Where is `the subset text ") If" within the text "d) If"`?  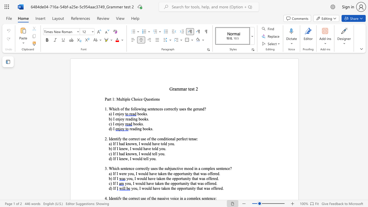 the subset text ") If" within the text "d) If" is located at coordinates (111, 188).